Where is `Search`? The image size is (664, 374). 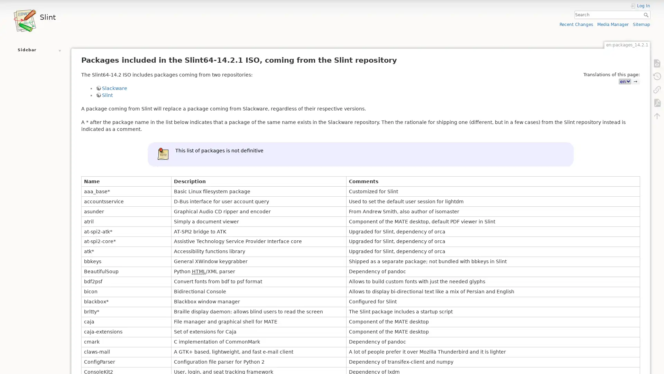
Search is located at coordinates (646, 15).